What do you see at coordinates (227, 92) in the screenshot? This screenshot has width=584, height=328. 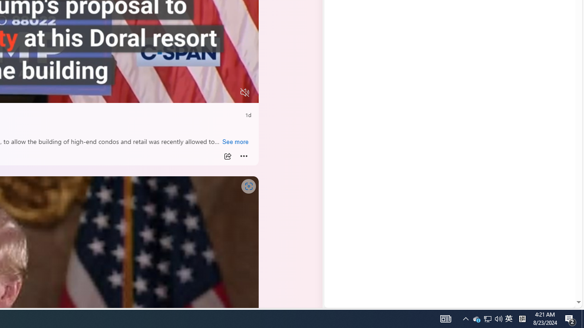 I see `'Fullscreen'` at bounding box center [227, 92].